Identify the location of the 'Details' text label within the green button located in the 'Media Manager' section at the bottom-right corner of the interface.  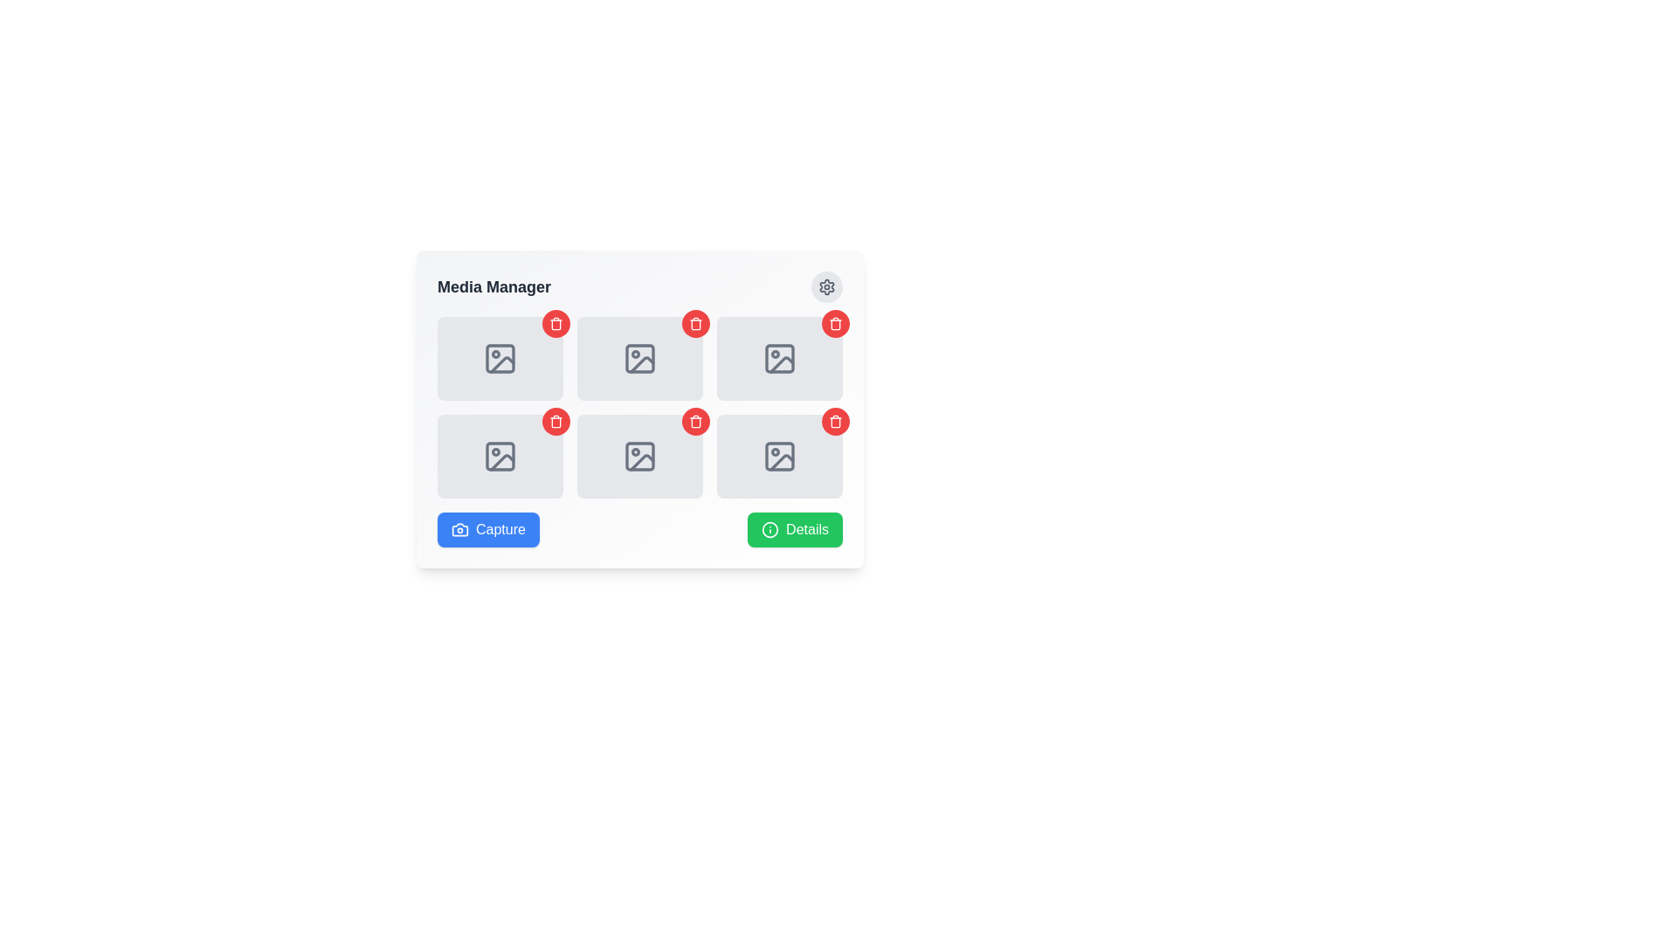
(806, 528).